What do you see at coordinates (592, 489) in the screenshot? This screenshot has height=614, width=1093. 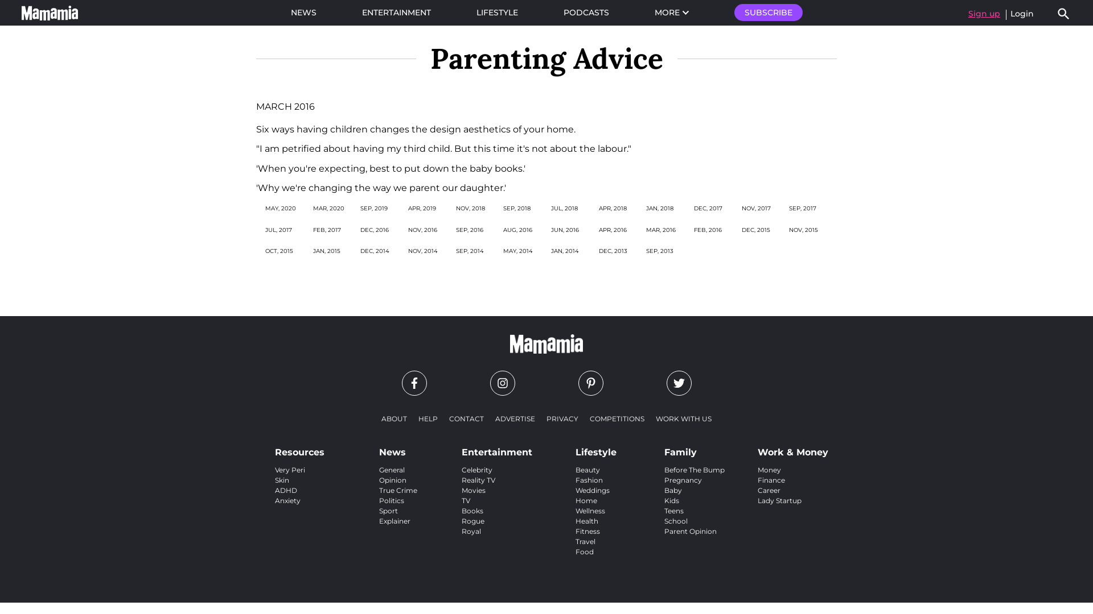 I see `'Weddings'` at bounding box center [592, 489].